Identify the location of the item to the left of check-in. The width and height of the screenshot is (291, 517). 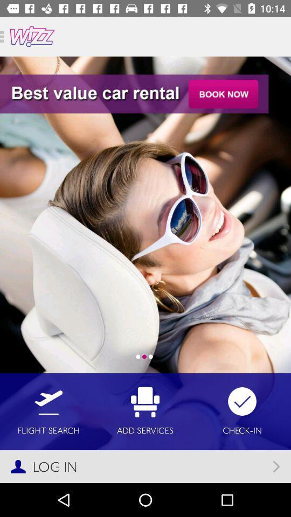
(145, 411).